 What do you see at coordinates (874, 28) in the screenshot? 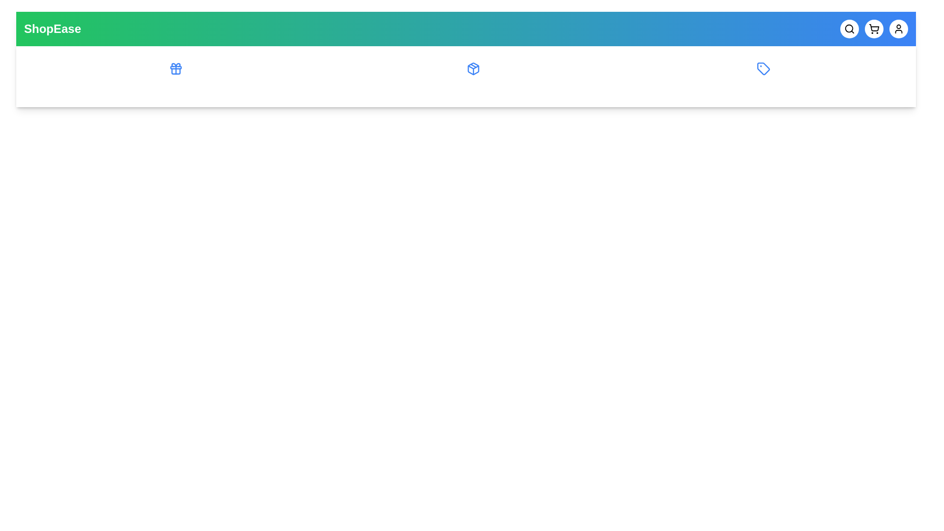
I see `the 'Shopping Cart' icon to view the cart` at bounding box center [874, 28].